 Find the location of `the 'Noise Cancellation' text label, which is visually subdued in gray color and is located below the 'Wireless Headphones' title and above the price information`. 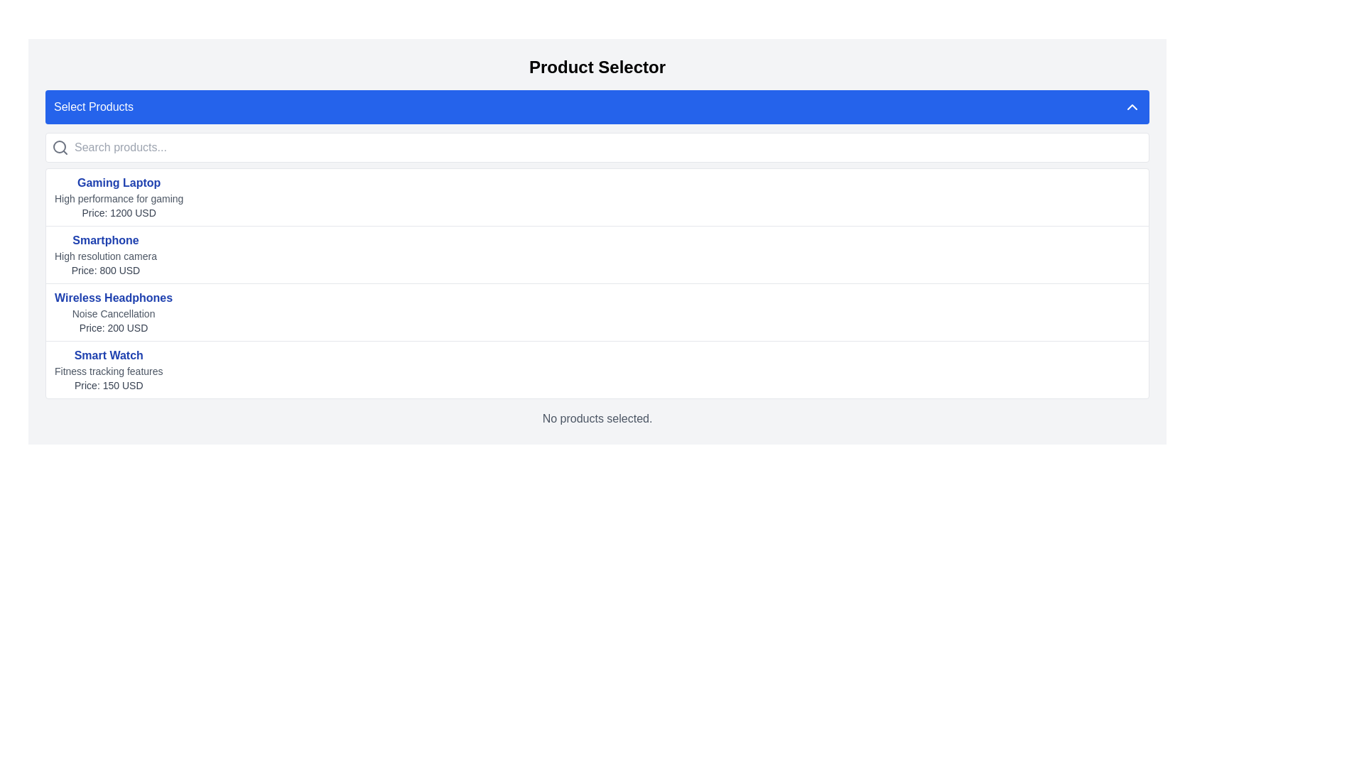

the 'Noise Cancellation' text label, which is visually subdued in gray color and is located below the 'Wireless Headphones' title and above the price information is located at coordinates (114, 313).